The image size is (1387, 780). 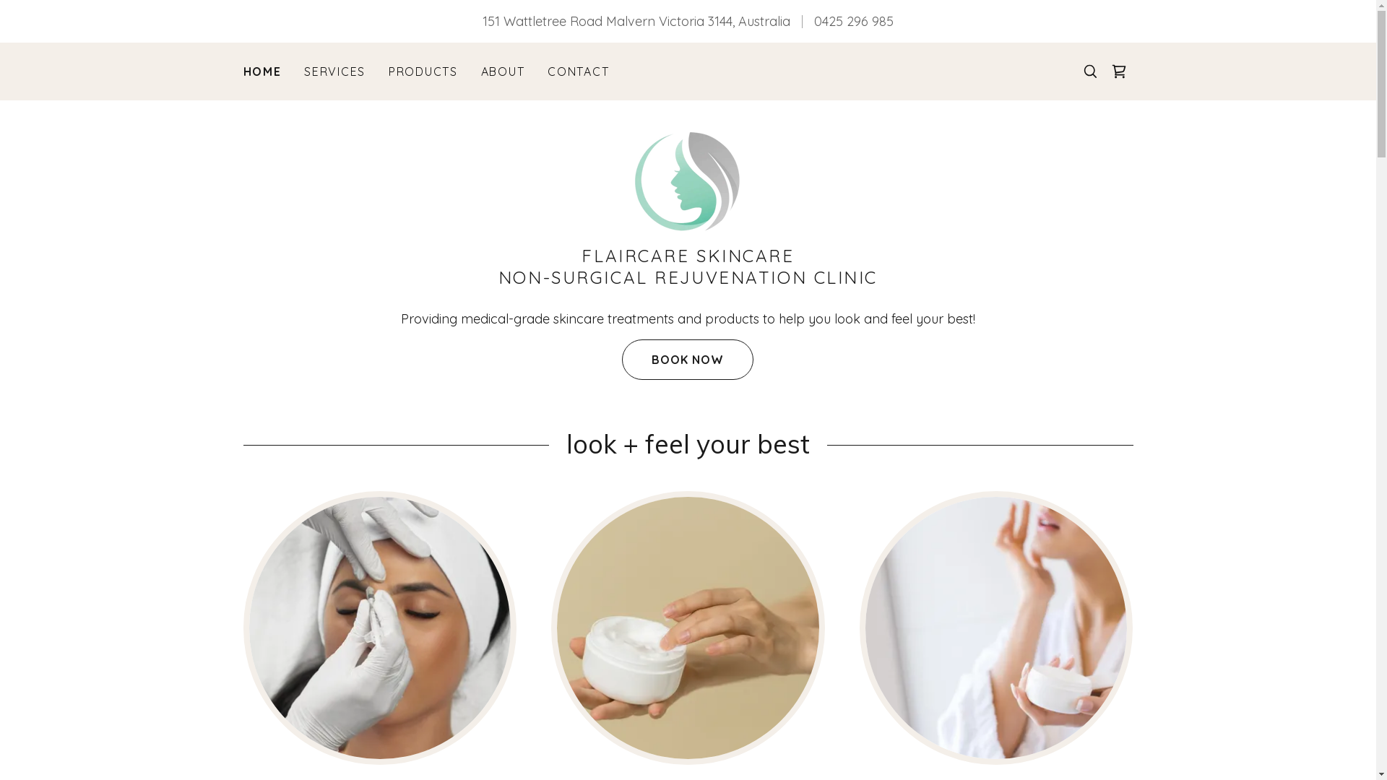 What do you see at coordinates (503, 71) in the screenshot?
I see `'ABOUT'` at bounding box center [503, 71].